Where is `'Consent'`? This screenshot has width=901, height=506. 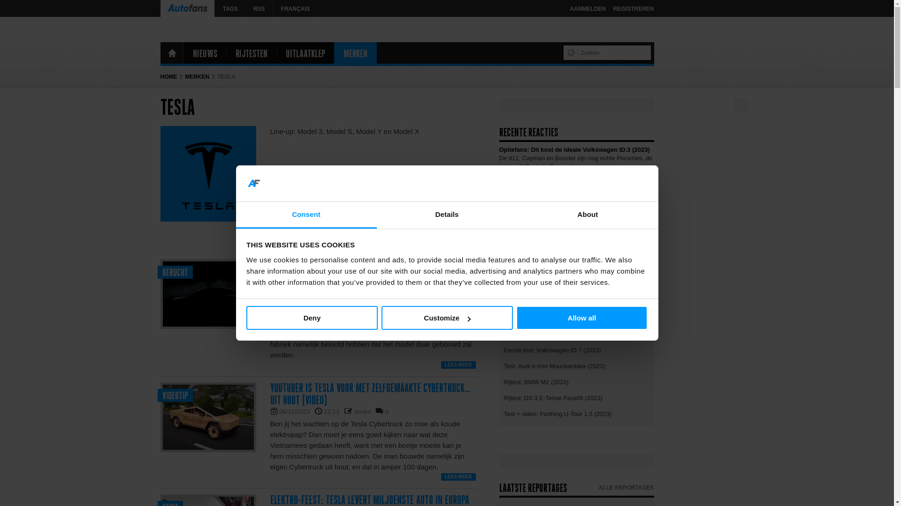
'Consent' is located at coordinates (306, 215).